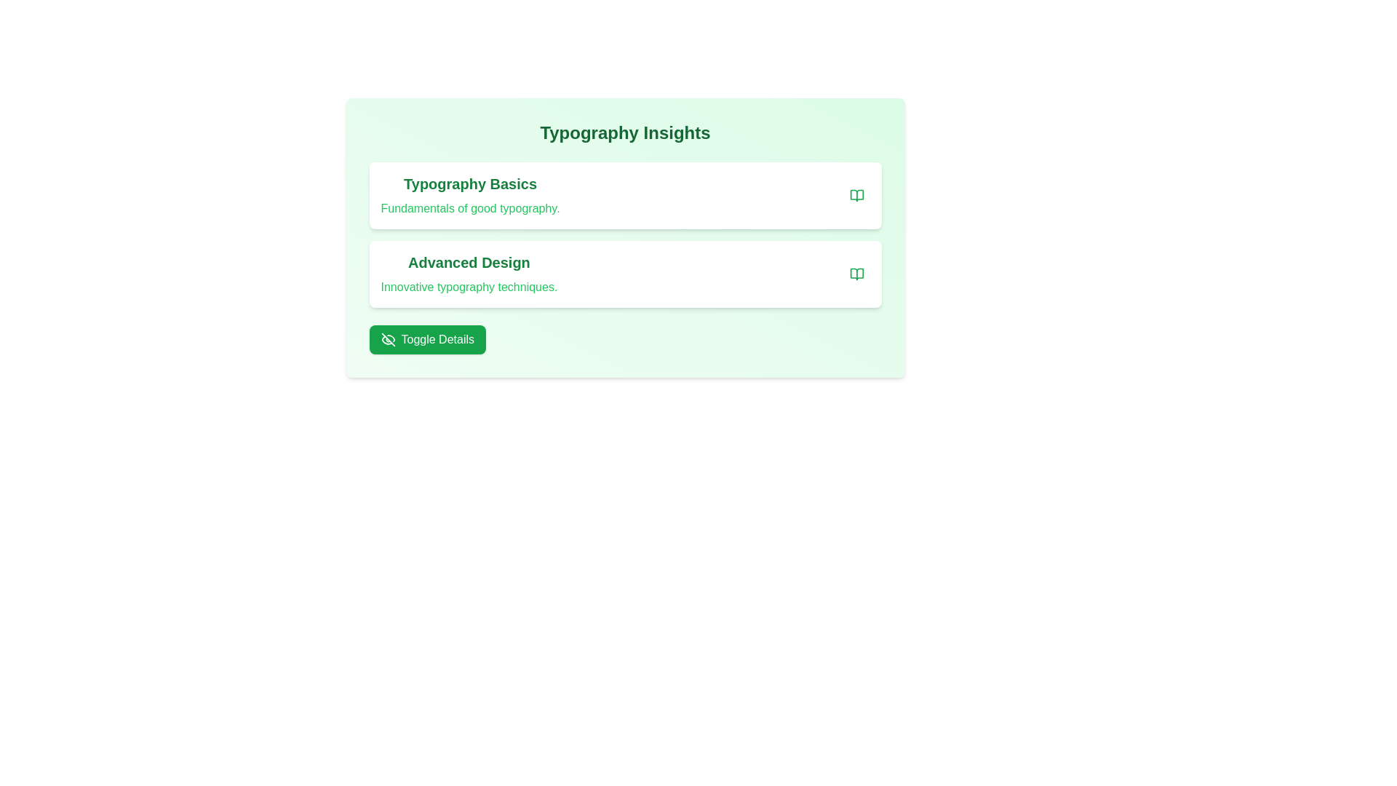 The height and width of the screenshot is (786, 1397). I want to click on the interactive green circular button with an open book icon located at the top right corner of the 'Typography Basics' card, so click(856, 195).